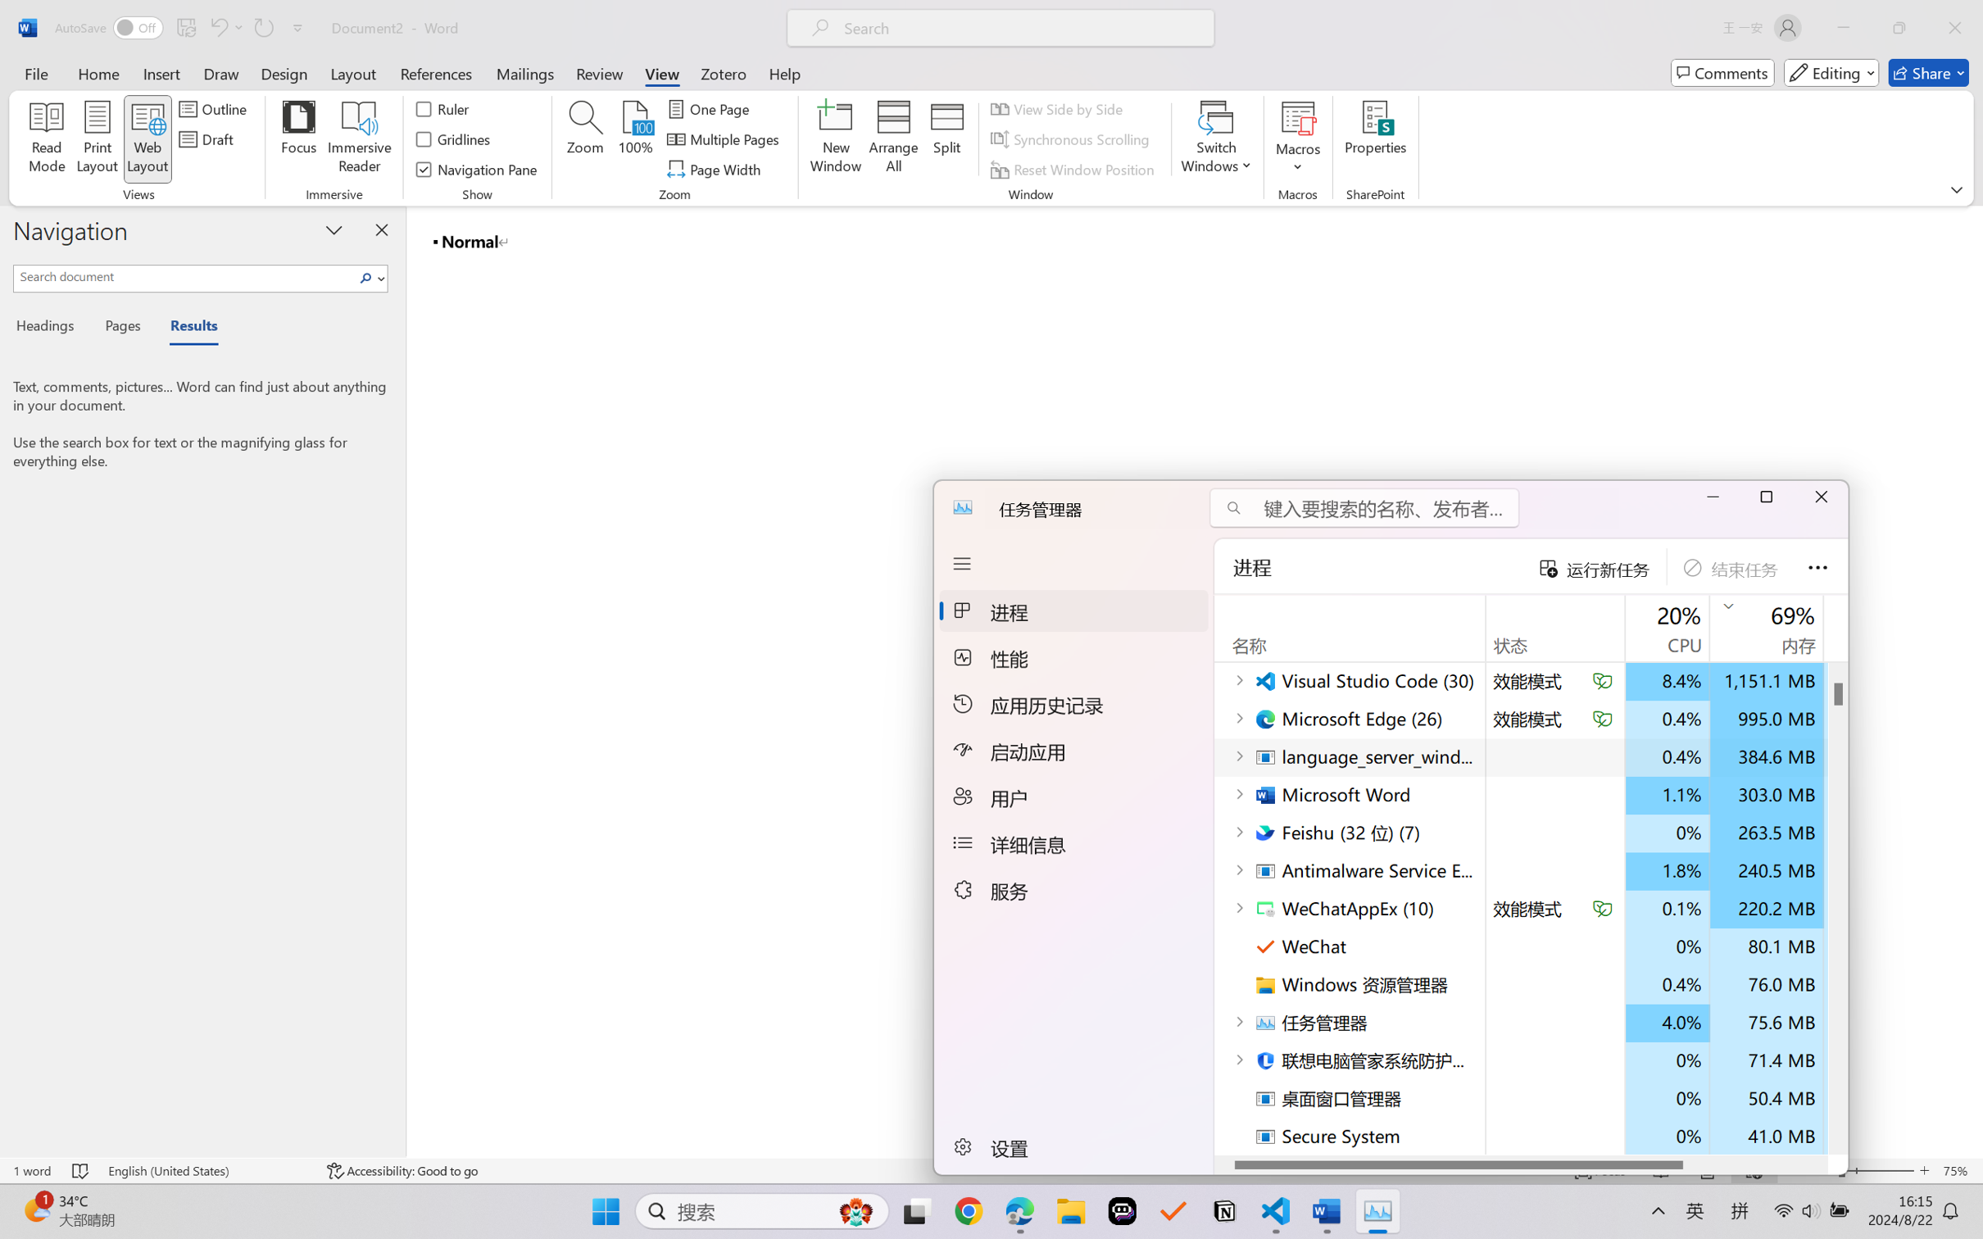  I want to click on 'Split', so click(946, 139).